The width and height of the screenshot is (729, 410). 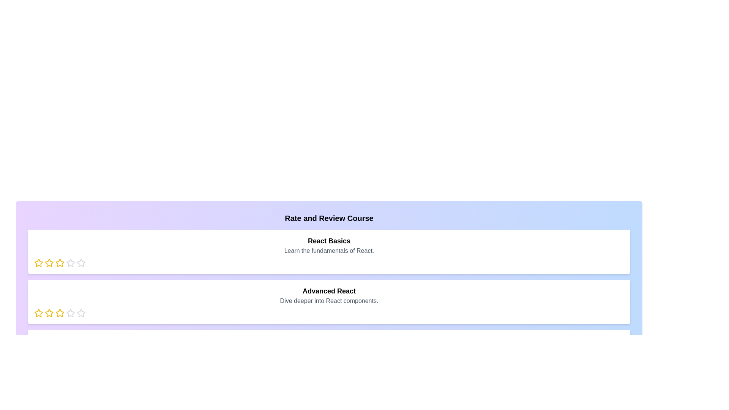 I want to click on the second star in the star rating system for the 'Advanced React' course to set or change a rating, so click(x=60, y=313).